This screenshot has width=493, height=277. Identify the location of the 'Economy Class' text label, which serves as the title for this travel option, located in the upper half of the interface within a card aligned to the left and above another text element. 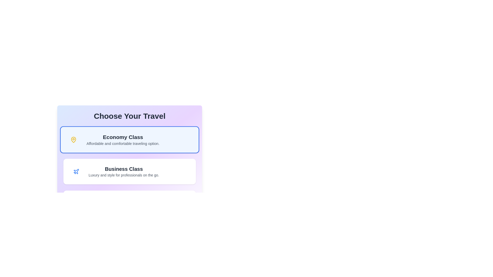
(123, 137).